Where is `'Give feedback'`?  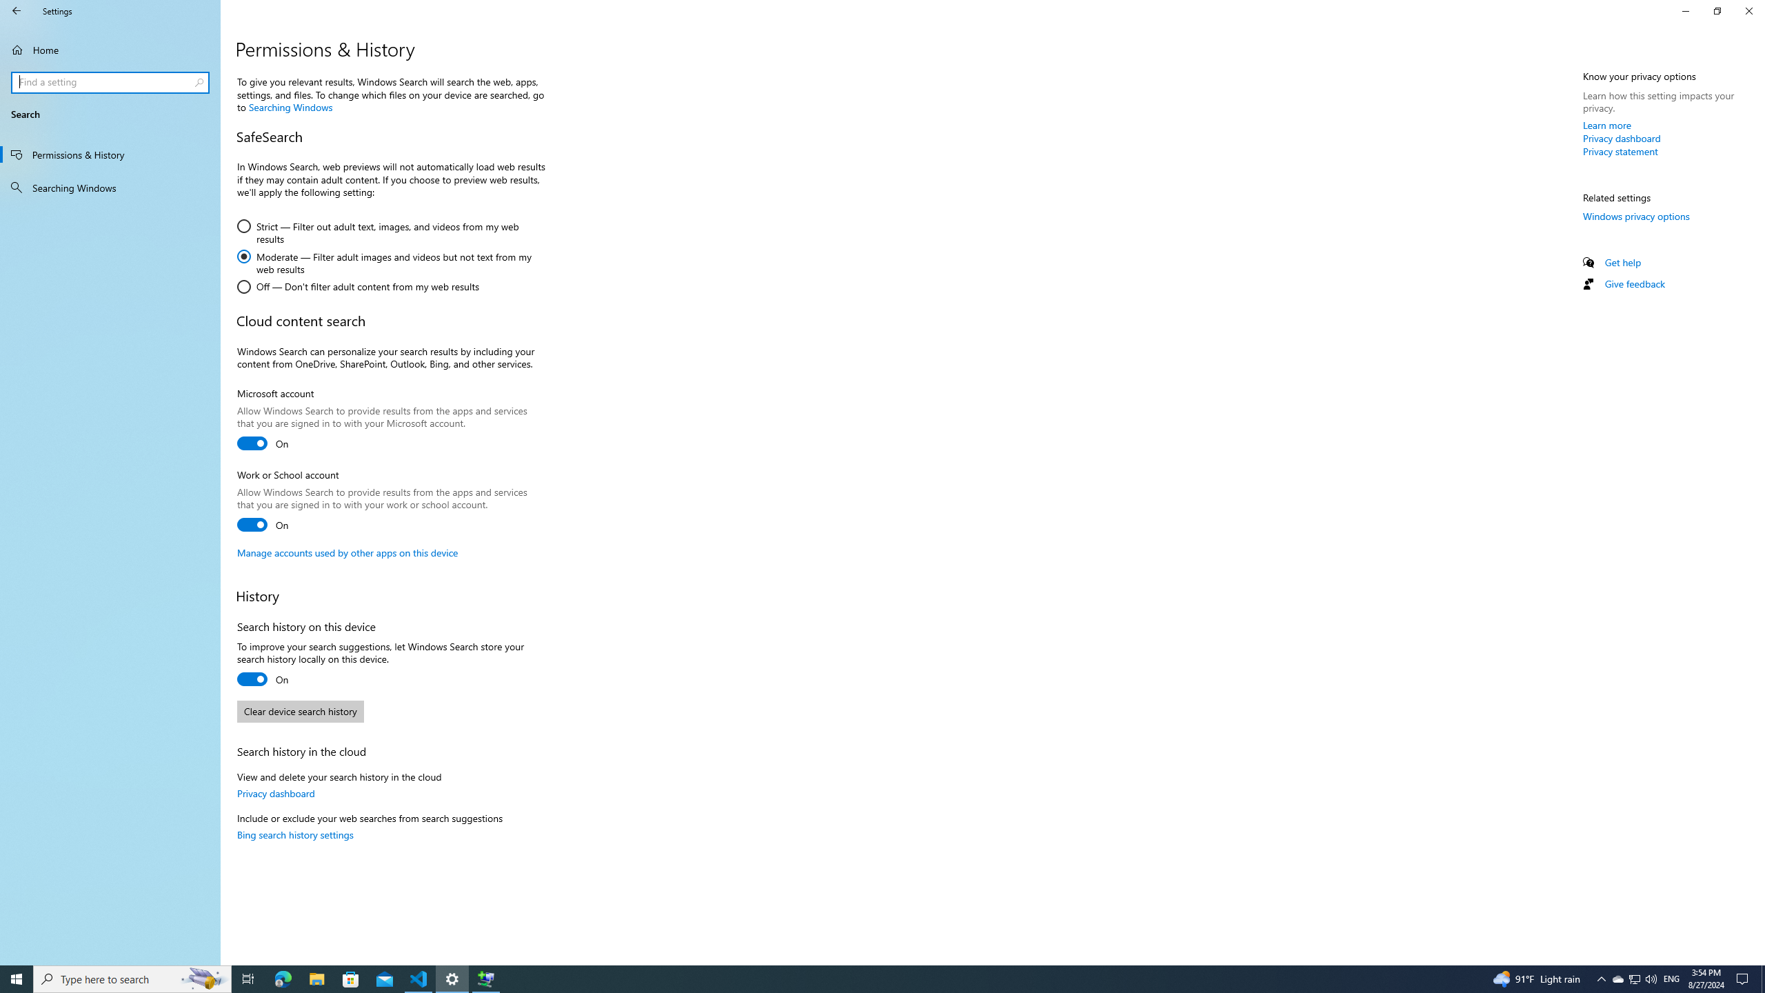 'Give feedback' is located at coordinates (1633, 283).